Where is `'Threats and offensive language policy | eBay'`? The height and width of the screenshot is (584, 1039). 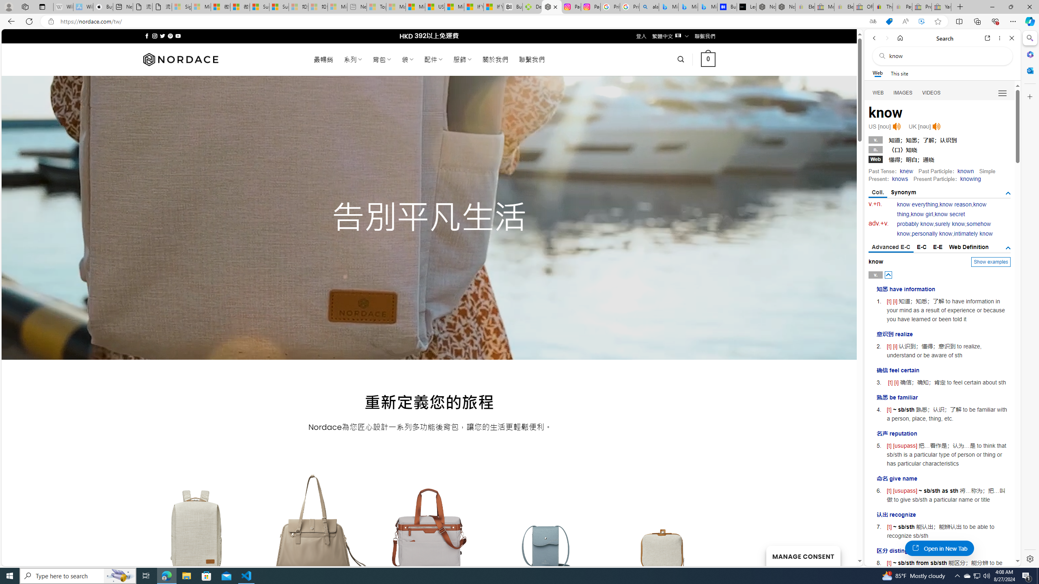 'Threats and offensive language policy | eBay' is located at coordinates (882, 6).